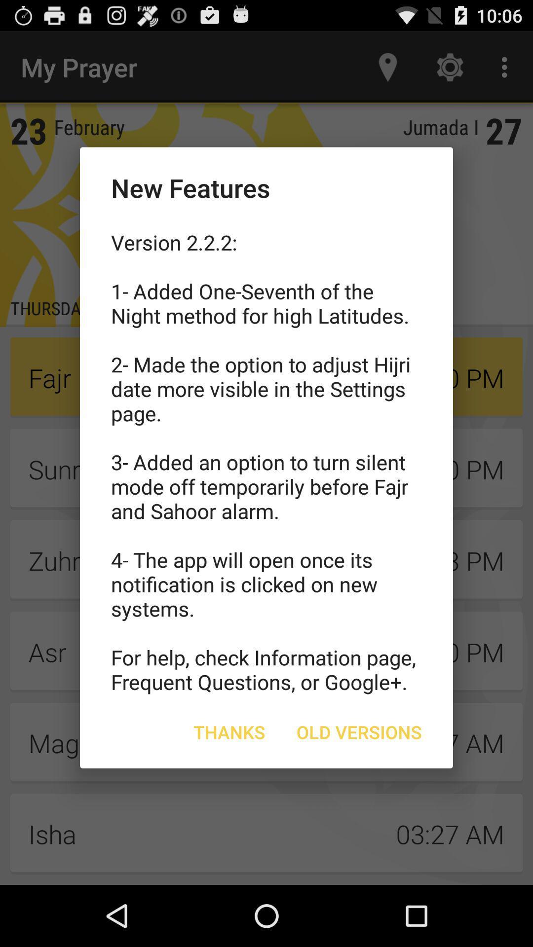 The width and height of the screenshot is (533, 947). What do you see at coordinates (229, 732) in the screenshot?
I see `the thanks item` at bounding box center [229, 732].